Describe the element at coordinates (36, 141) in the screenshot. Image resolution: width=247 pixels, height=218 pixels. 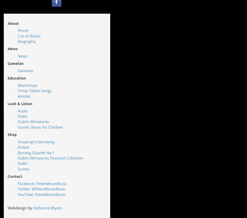
I see `'Knowing/Unknowing'` at that location.